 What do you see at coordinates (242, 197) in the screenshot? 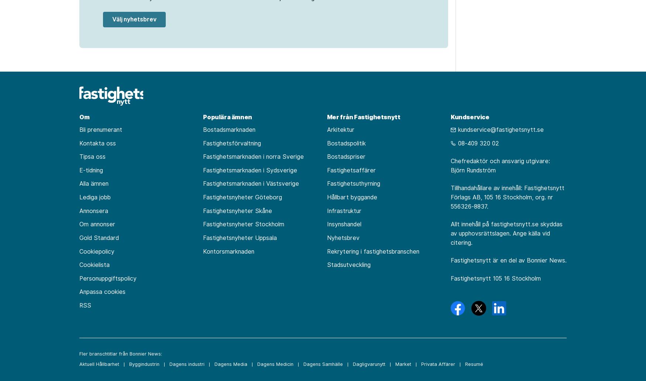
I see `'Fastighetsnyheter Göteborg'` at bounding box center [242, 197].